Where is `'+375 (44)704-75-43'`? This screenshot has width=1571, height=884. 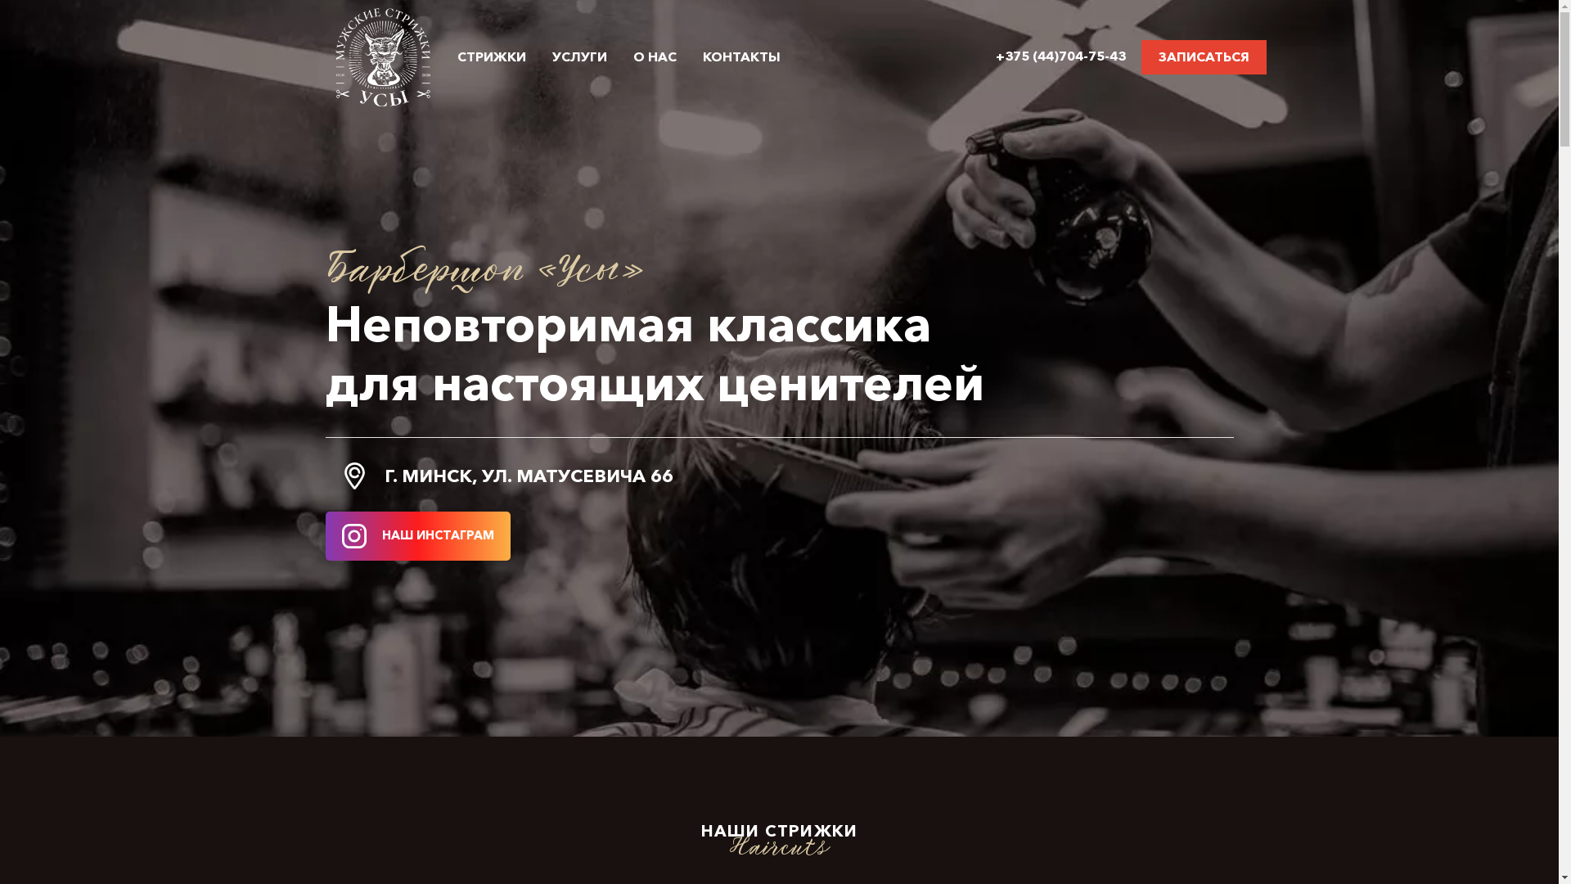
'+375 (44)704-75-43' is located at coordinates (1061, 55).